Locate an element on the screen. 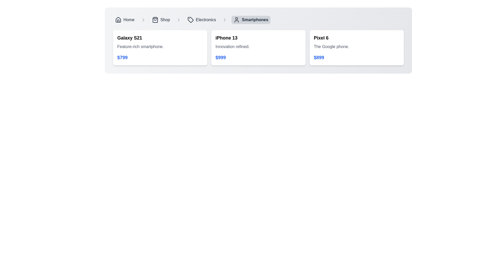 The height and width of the screenshot is (279, 496). the tag-shaped icon representing the 'Electronics' category in the breadcrumb navigation bar, positioned between 'Shop' and 'Smartphones' is located at coordinates (190, 20).